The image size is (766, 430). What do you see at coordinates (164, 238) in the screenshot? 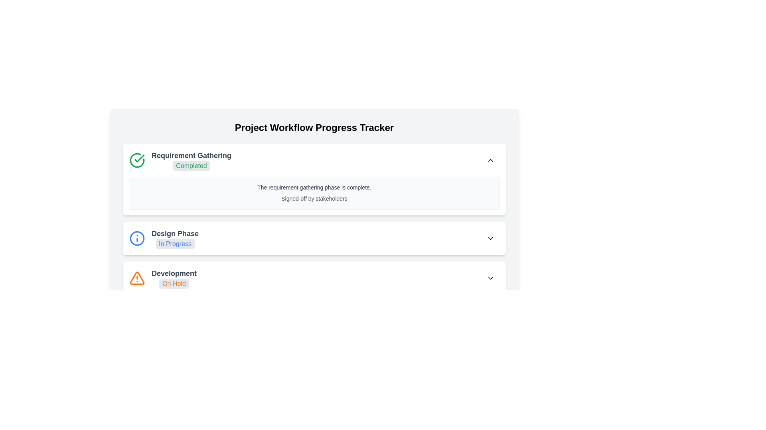
I see `the information displayed on the 'Design Phase' label with status indicator, which shows 'In Progress' and is located in the second row of the section list` at bounding box center [164, 238].